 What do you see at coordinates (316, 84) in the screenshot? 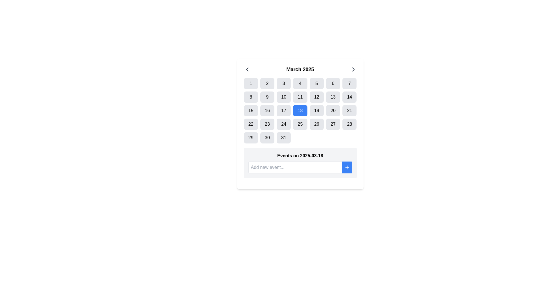
I see `the button-like interactive calendar cell displaying the numeral '5'` at bounding box center [316, 84].